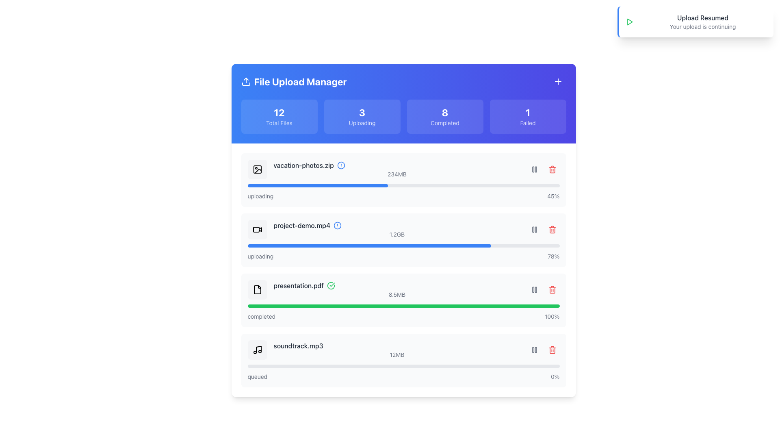 This screenshot has width=780, height=439. I want to click on the gray rounded square icon that indicates an image placeholder for the first file entry titled 'vacation-photos.zip', so click(257, 169).